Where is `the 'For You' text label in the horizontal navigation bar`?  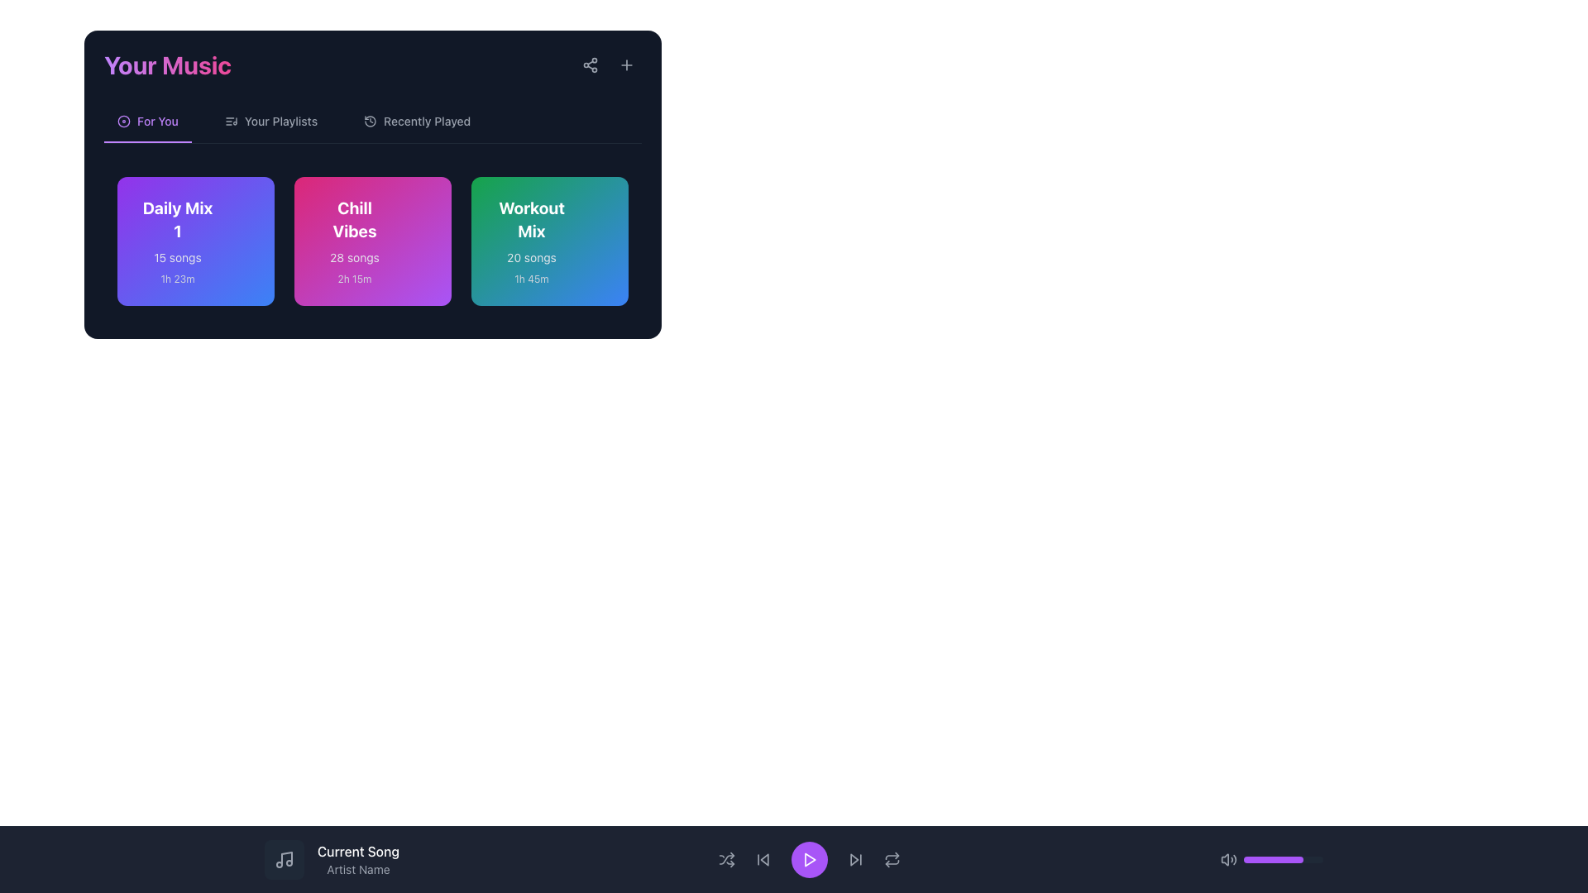
the 'For You' text label in the horizontal navigation bar is located at coordinates (147, 127).